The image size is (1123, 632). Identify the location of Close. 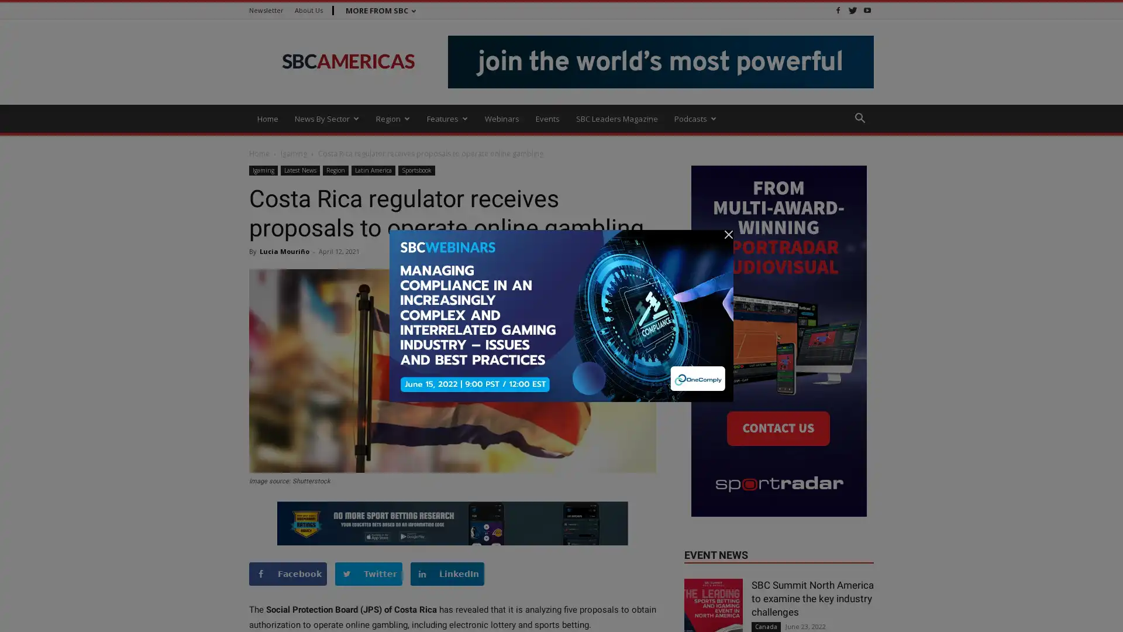
(1102, 609).